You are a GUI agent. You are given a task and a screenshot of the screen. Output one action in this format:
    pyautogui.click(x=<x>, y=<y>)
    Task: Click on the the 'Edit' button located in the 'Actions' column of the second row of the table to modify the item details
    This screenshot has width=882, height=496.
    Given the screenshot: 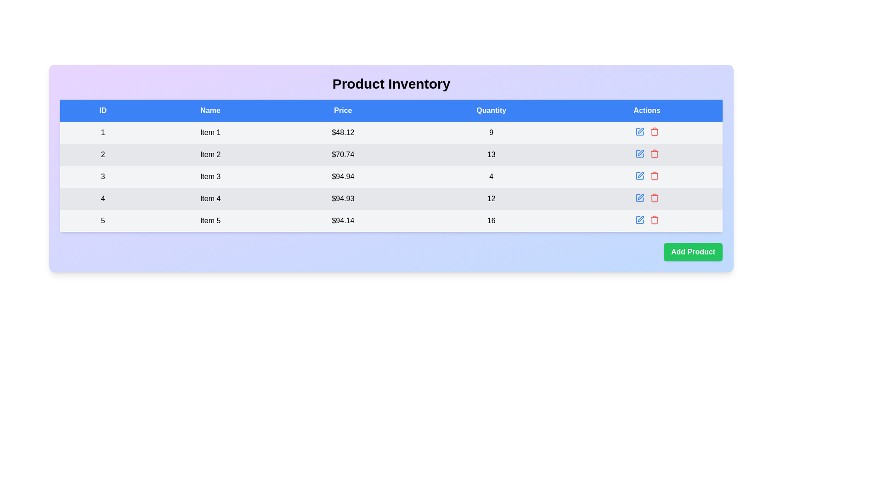 What is the action you would take?
    pyautogui.click(x=639, y=153)
    